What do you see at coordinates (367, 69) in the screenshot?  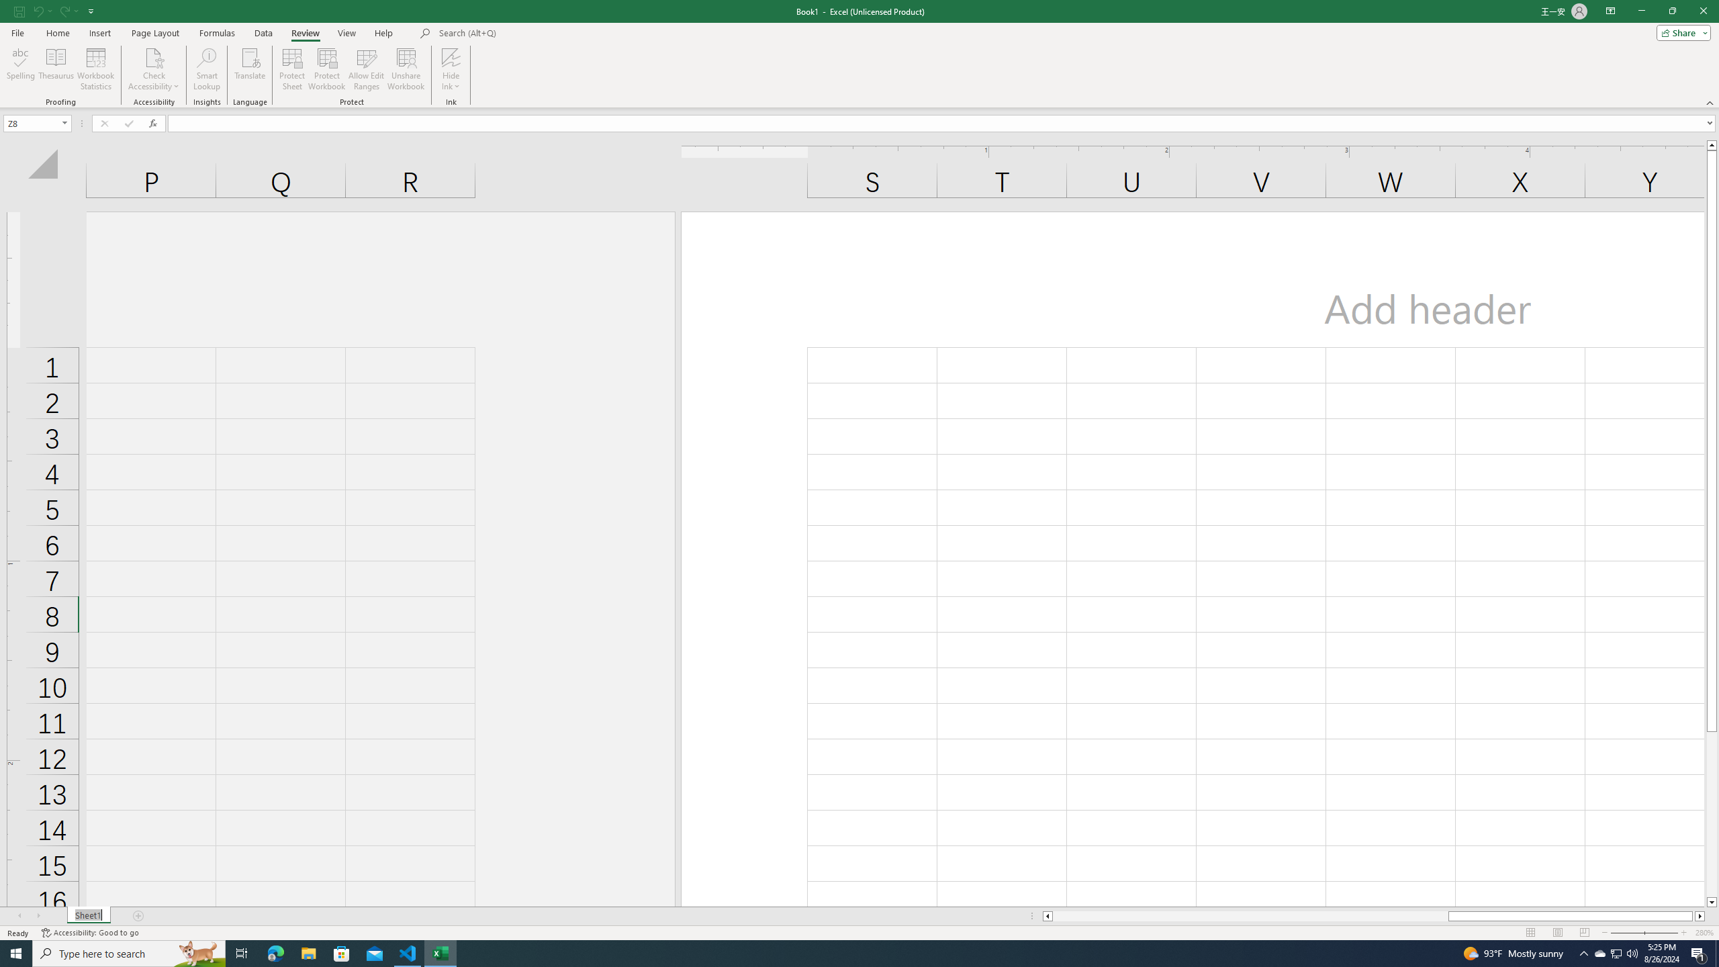 I see `'Allow Edit Ranges'` at bounding box center [367, 69].